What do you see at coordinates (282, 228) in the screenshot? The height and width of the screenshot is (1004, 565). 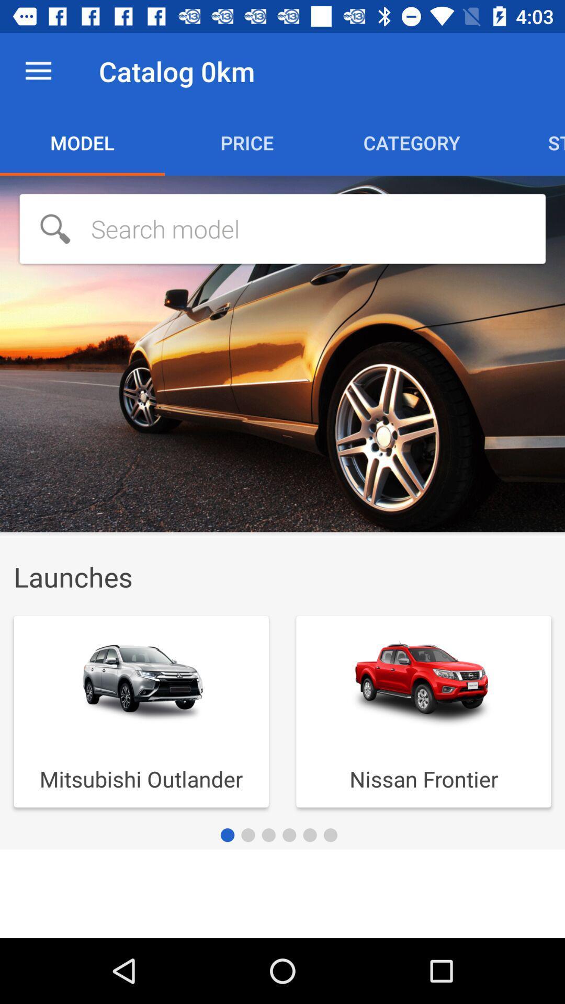 I see `search input box` at bounding box center [282, 228].